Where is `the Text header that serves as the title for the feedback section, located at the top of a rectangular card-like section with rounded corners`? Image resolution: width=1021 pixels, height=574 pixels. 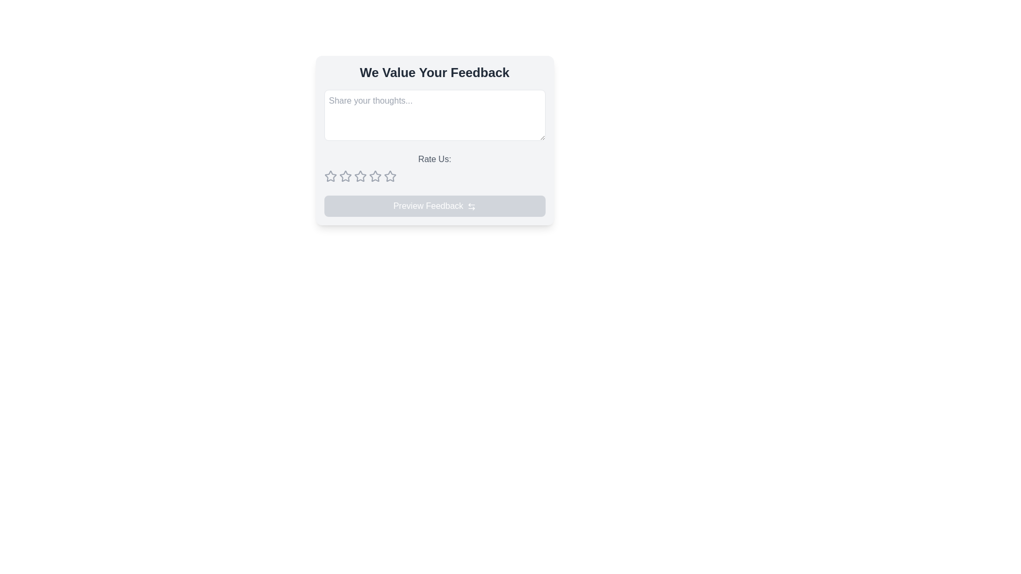 the Text header that serves as the title for the feedback section, located at the top of a rectangular card-like section with rounded corners is located at coordinates (434, 72).